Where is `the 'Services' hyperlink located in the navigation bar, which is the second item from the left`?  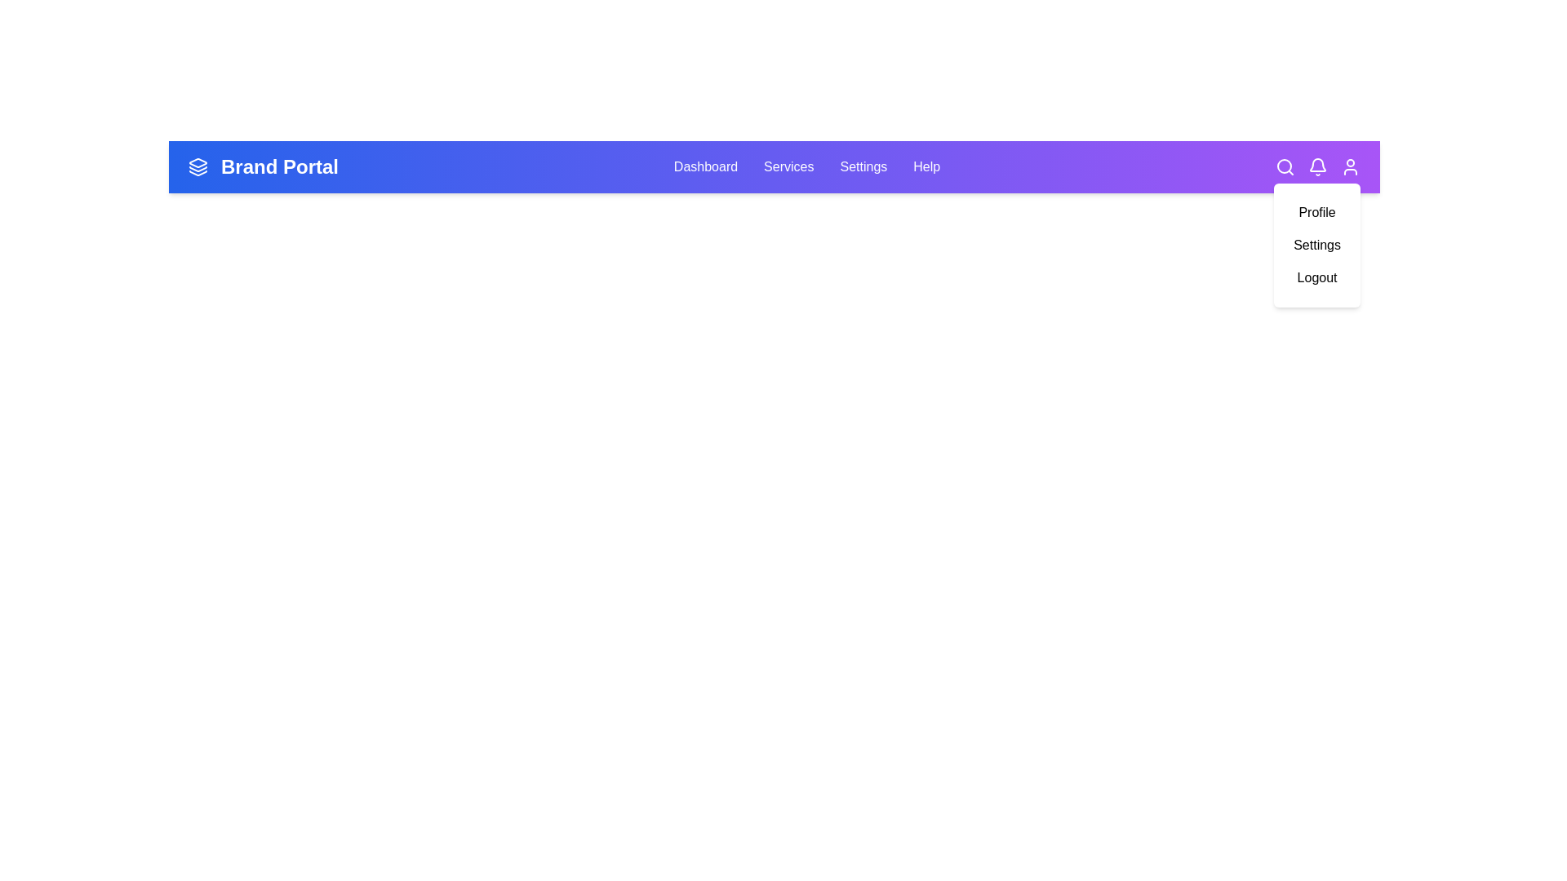 the 'Services' hyperlink located in the navigation bar, which is the second item from the left is located at coordinates (788, 166).